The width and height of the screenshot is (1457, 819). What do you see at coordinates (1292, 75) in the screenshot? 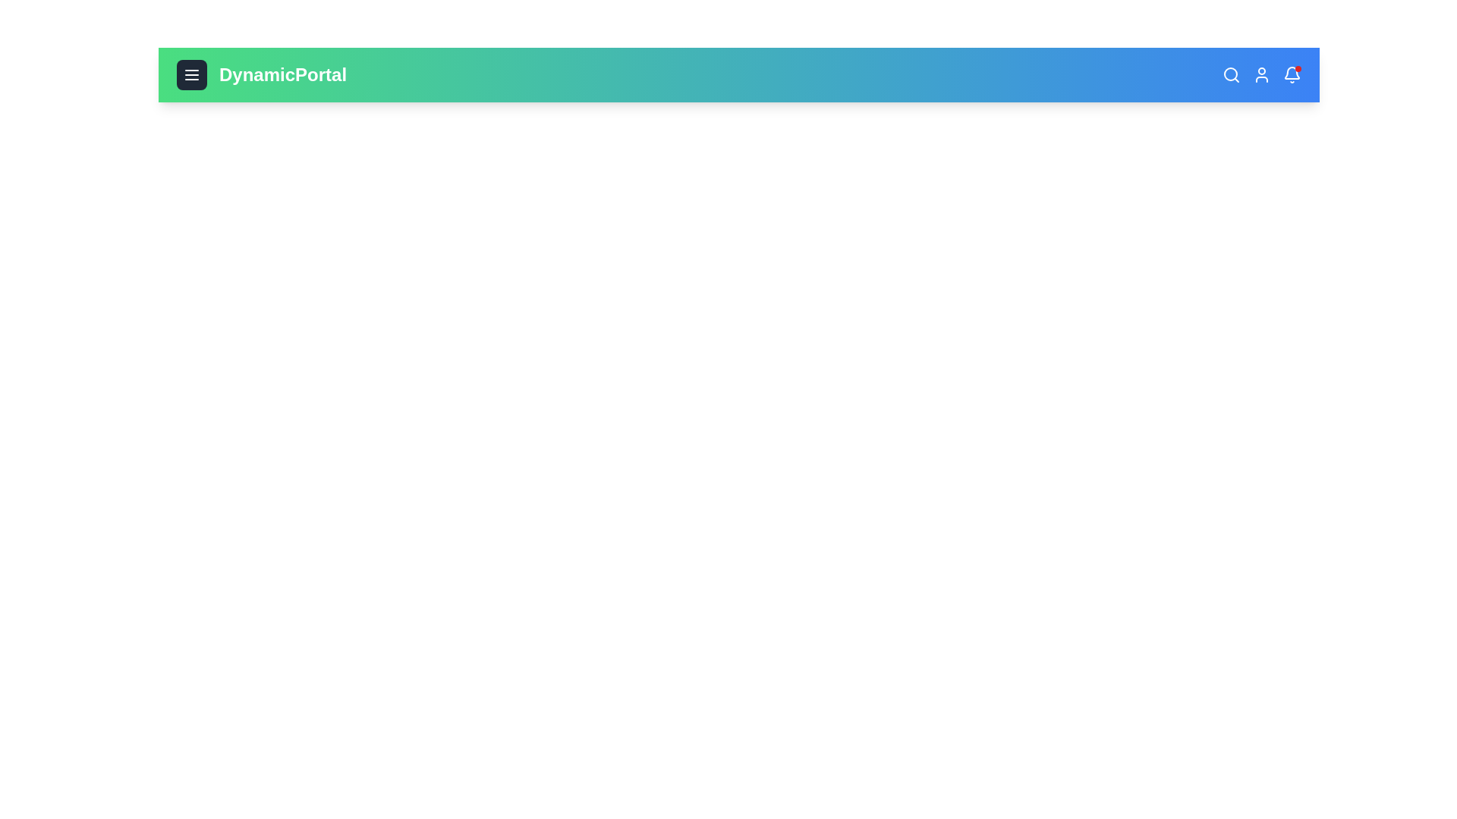
I see `the notification bell icon to view notifications` at bounding box center [1292, 75].